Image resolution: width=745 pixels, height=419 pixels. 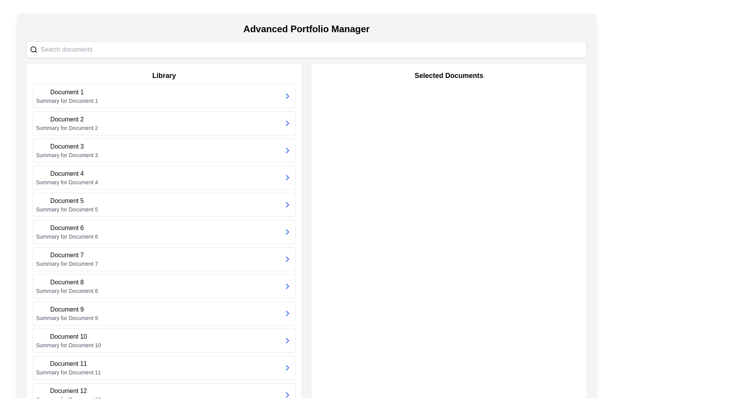 What do you see at coordinates (67, 231) in the screenshot?
I see `the text label for 'Document 6'` at bounding box center [67, 231].